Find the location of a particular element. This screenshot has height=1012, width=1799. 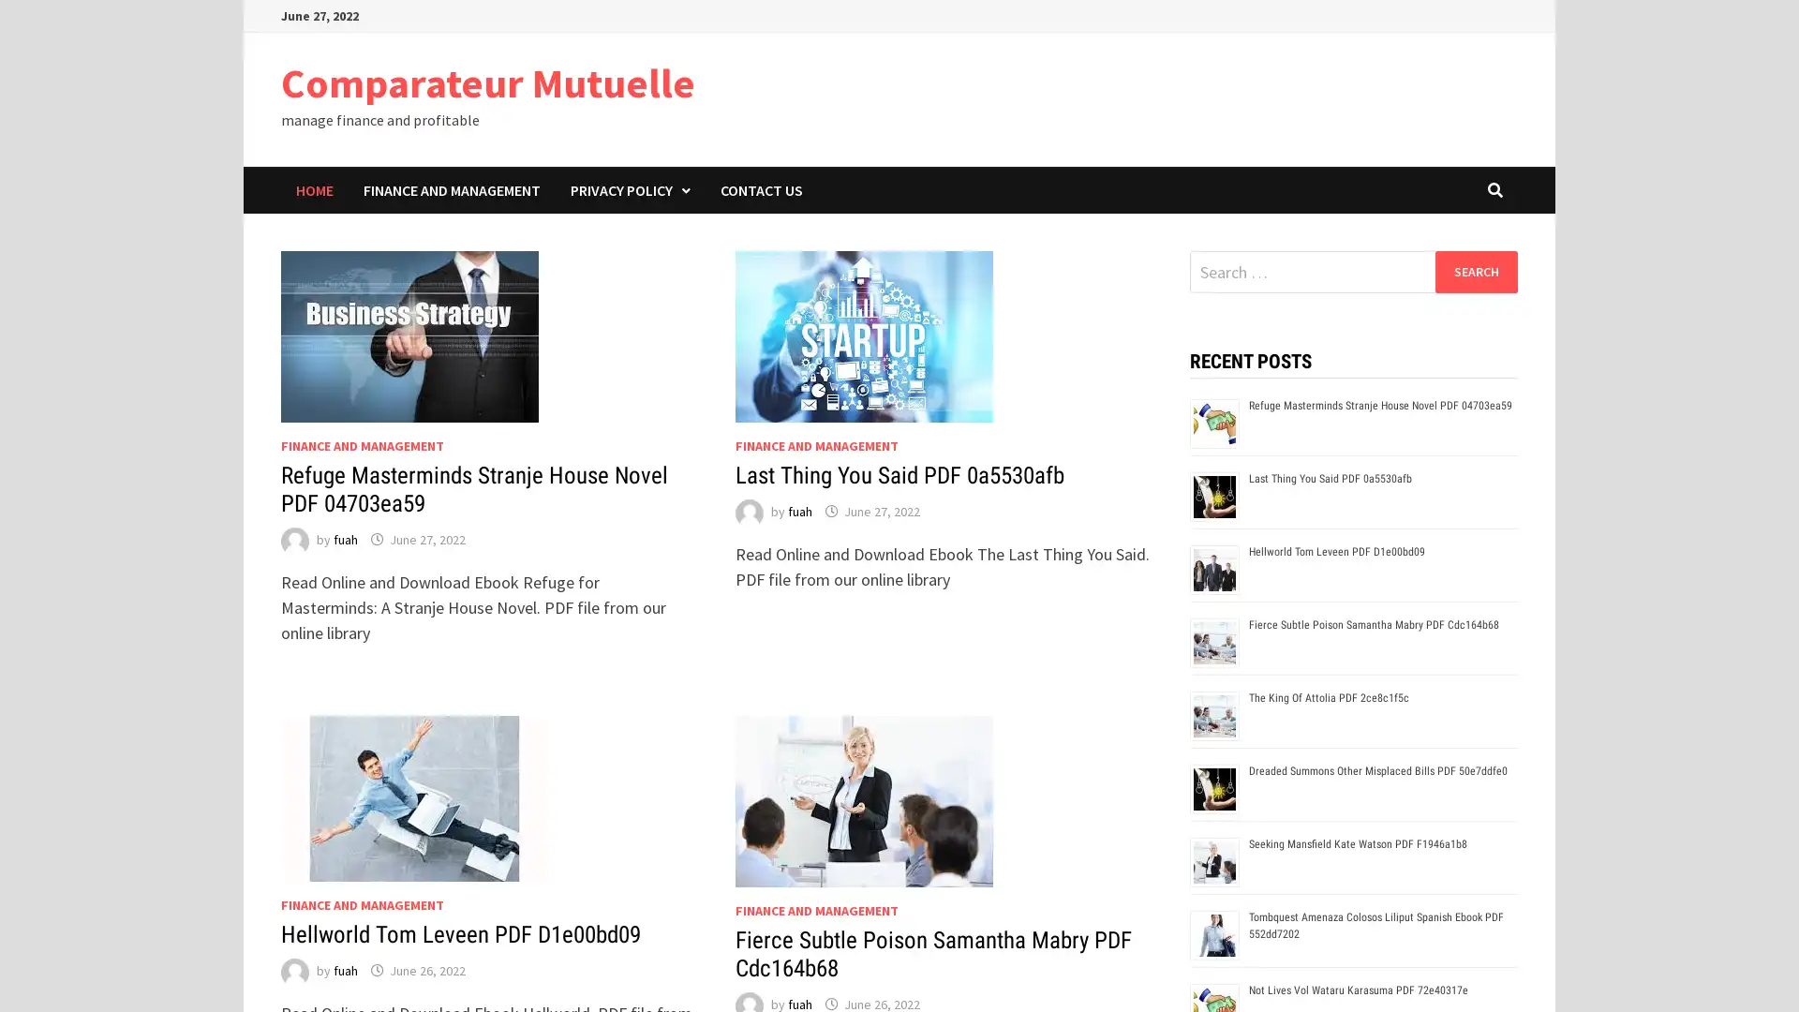

Search is located at coordinates (1475, 271).